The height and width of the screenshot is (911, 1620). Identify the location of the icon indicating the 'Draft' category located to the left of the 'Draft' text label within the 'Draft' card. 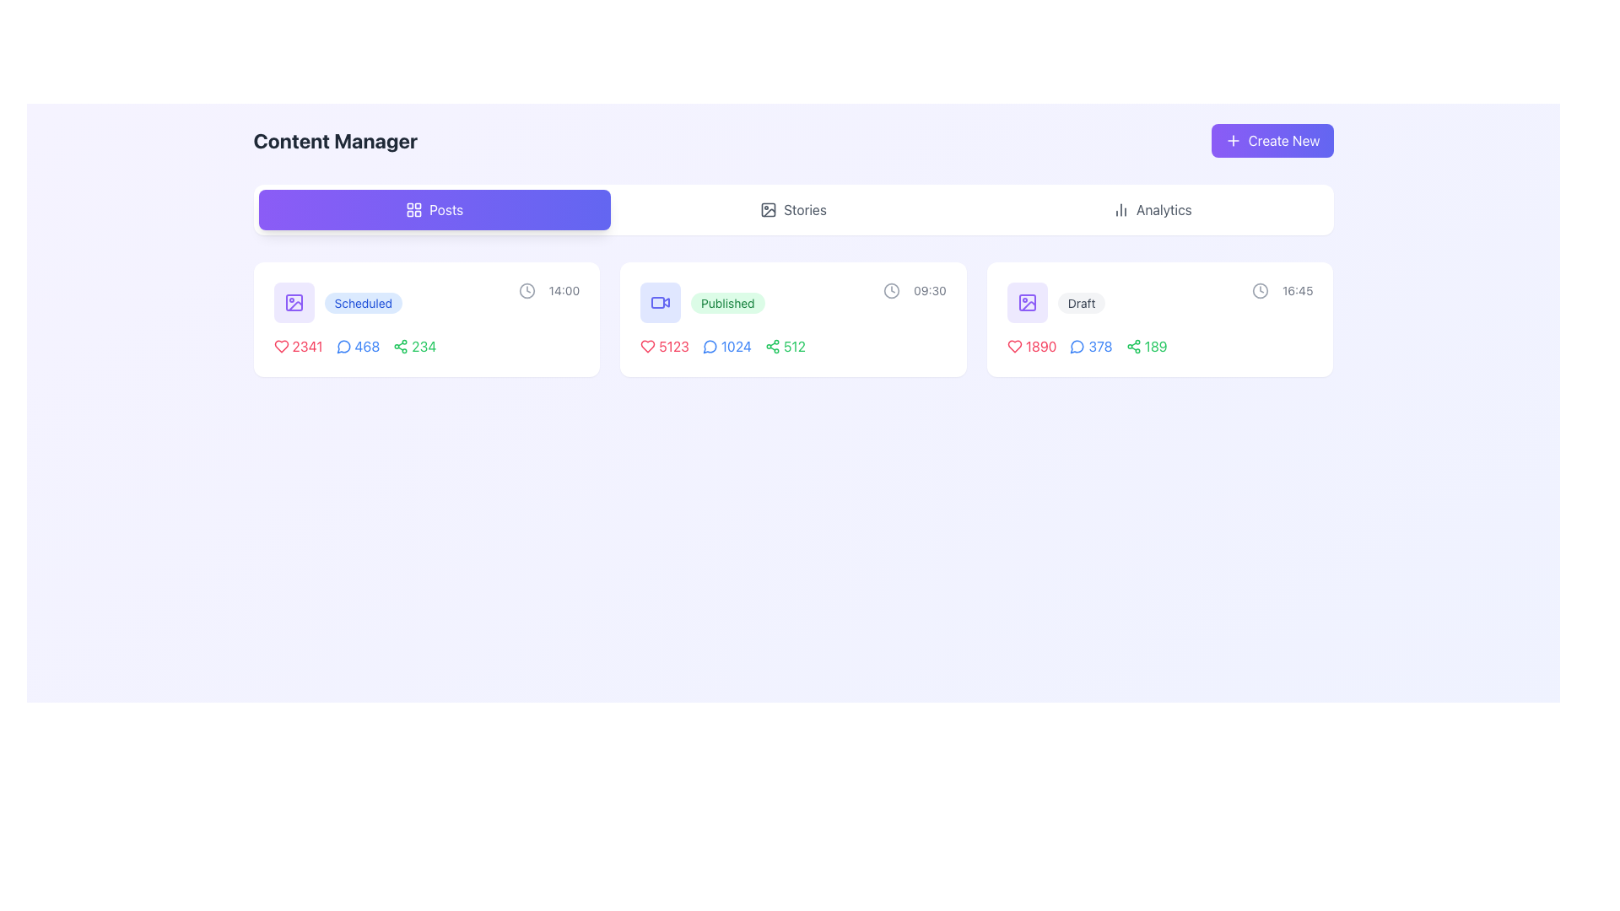
(1026, 301).